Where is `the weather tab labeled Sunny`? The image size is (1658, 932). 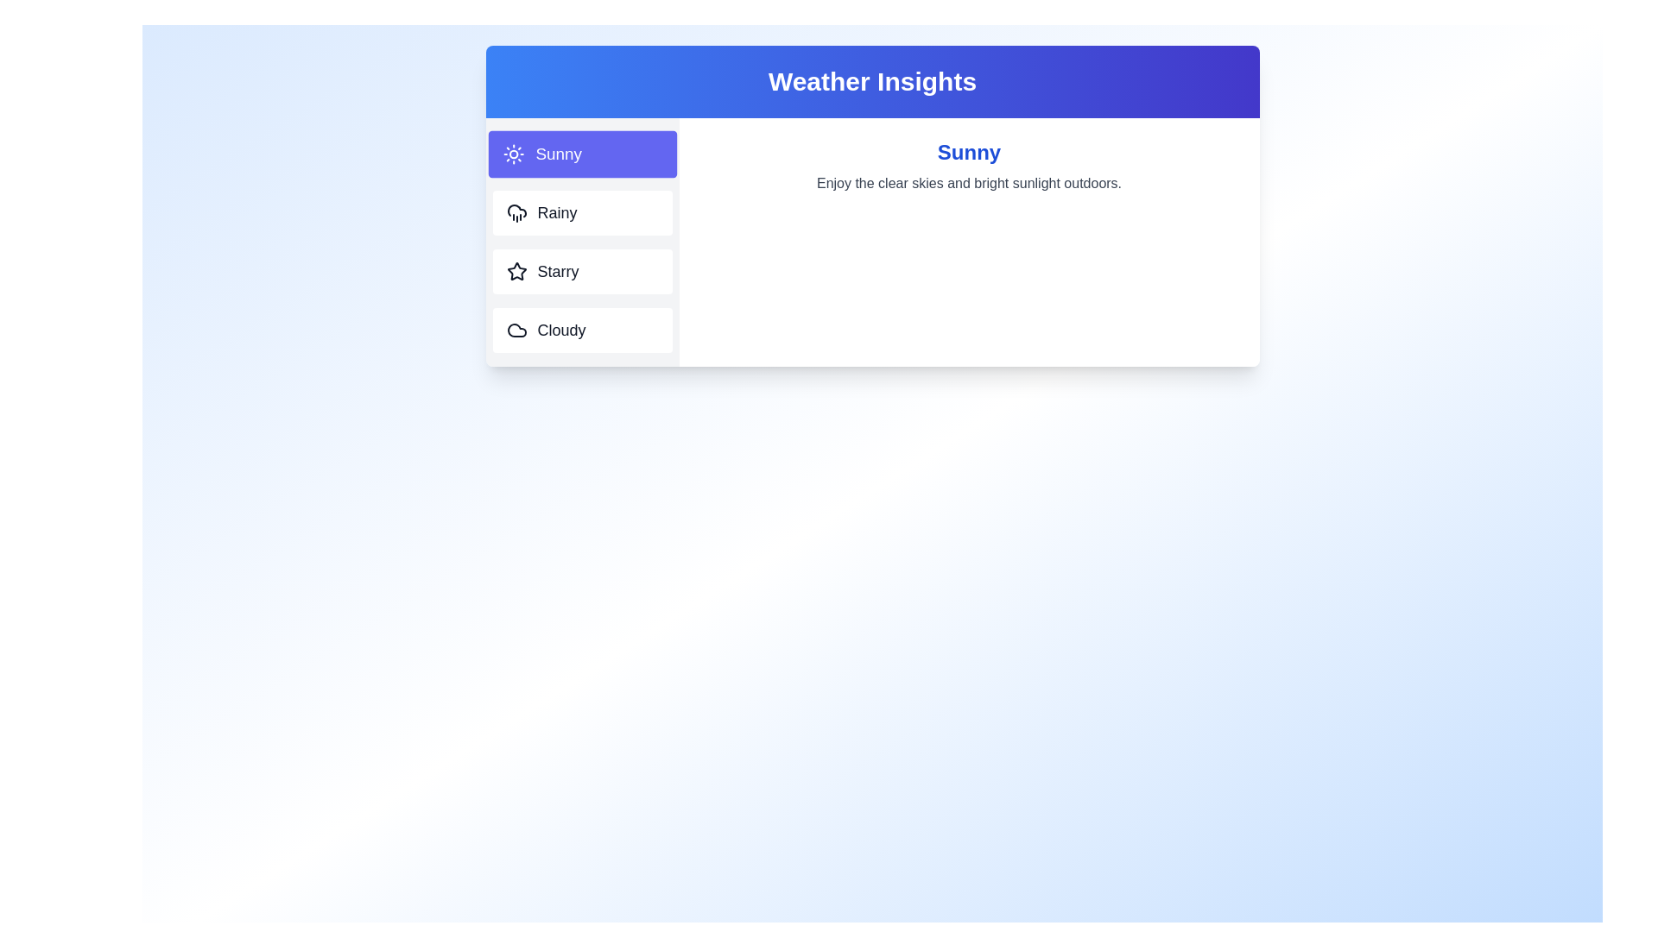
the weather tab labeled Sunny is located at coordinates (582, 153).